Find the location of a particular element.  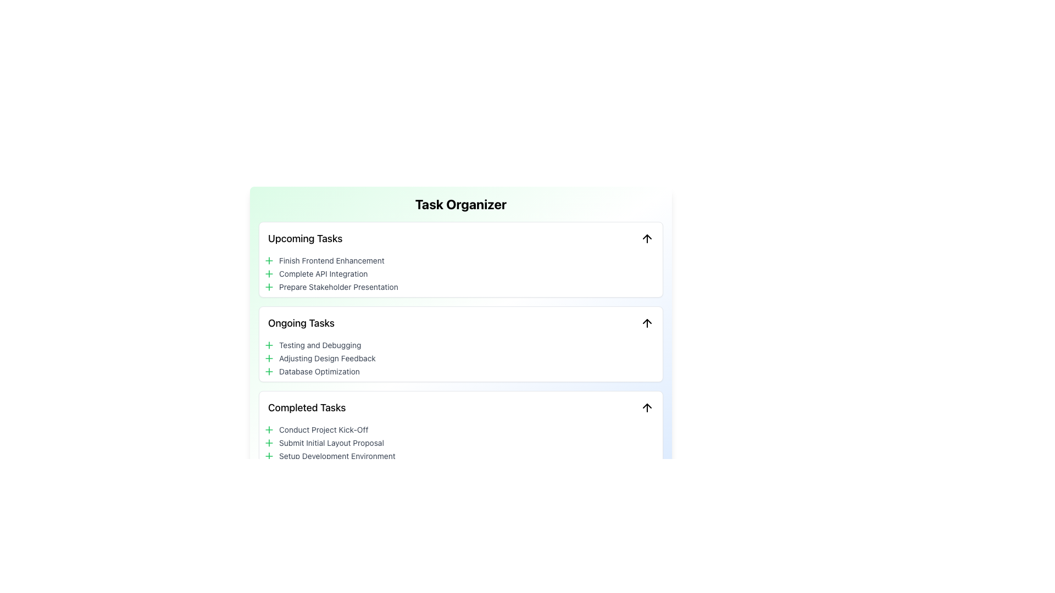

the upward direction icon located at the top-right corner of the 'Upcoming Tasks' header section is located at coordinates (647, 238).